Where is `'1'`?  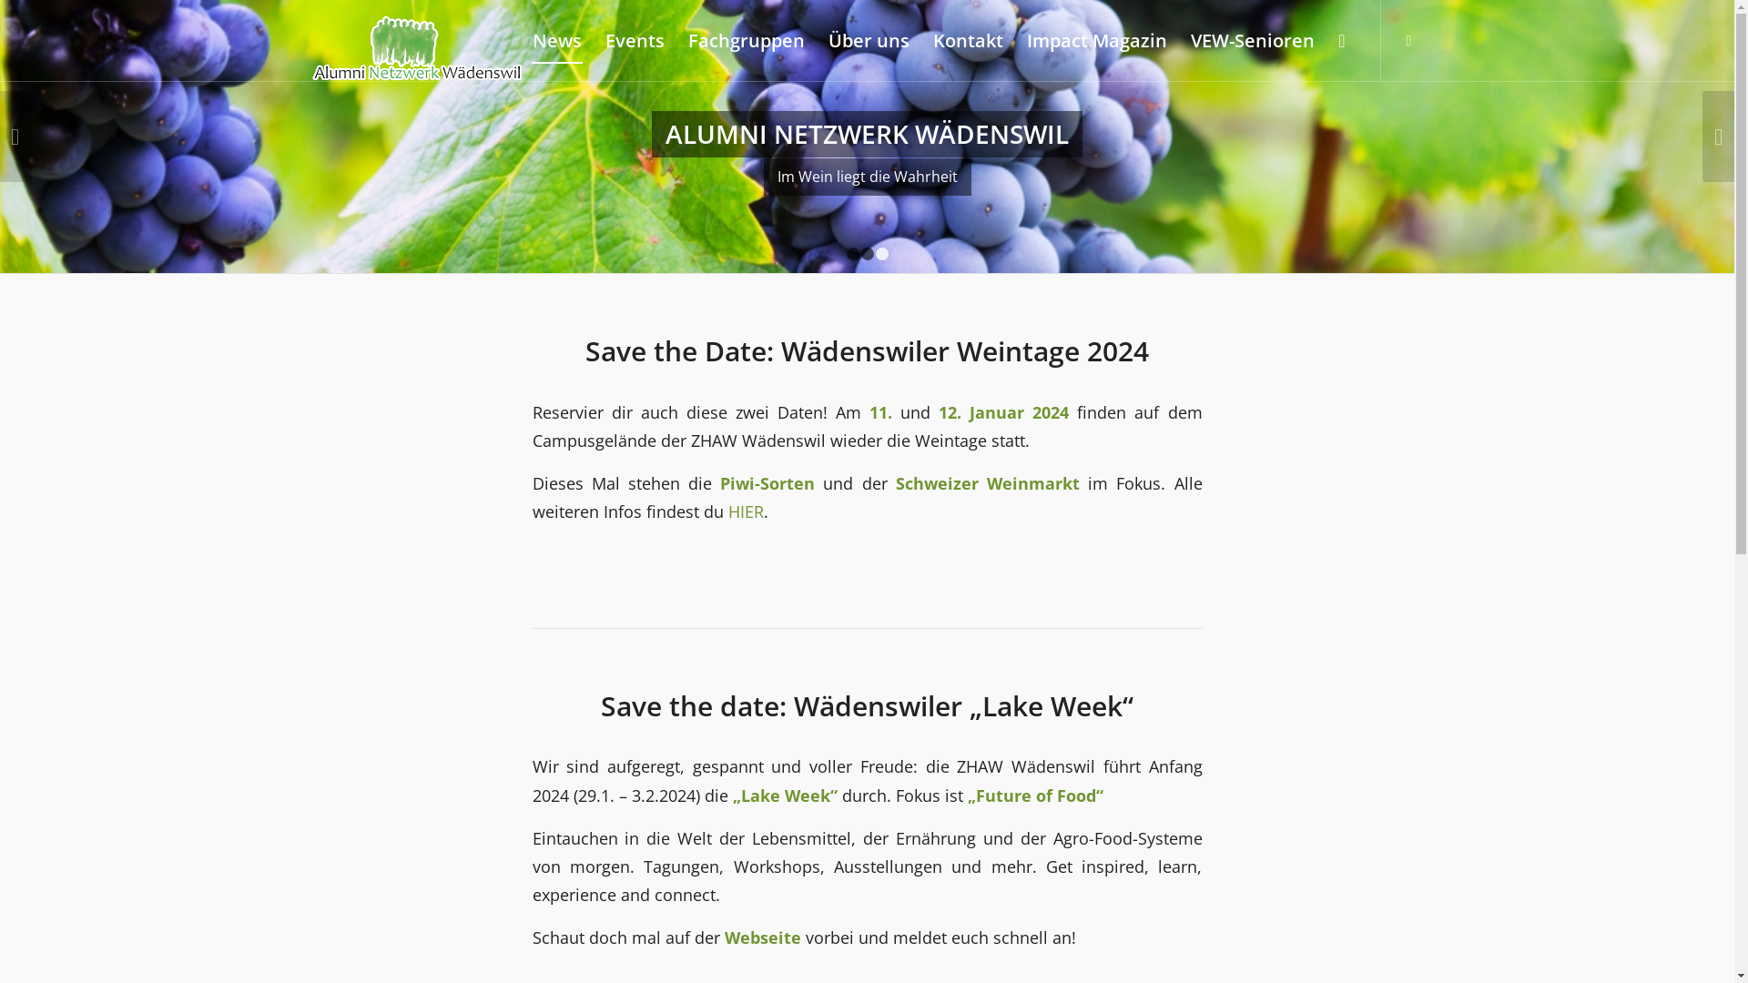 '1' is located at coordinates (851, 253).